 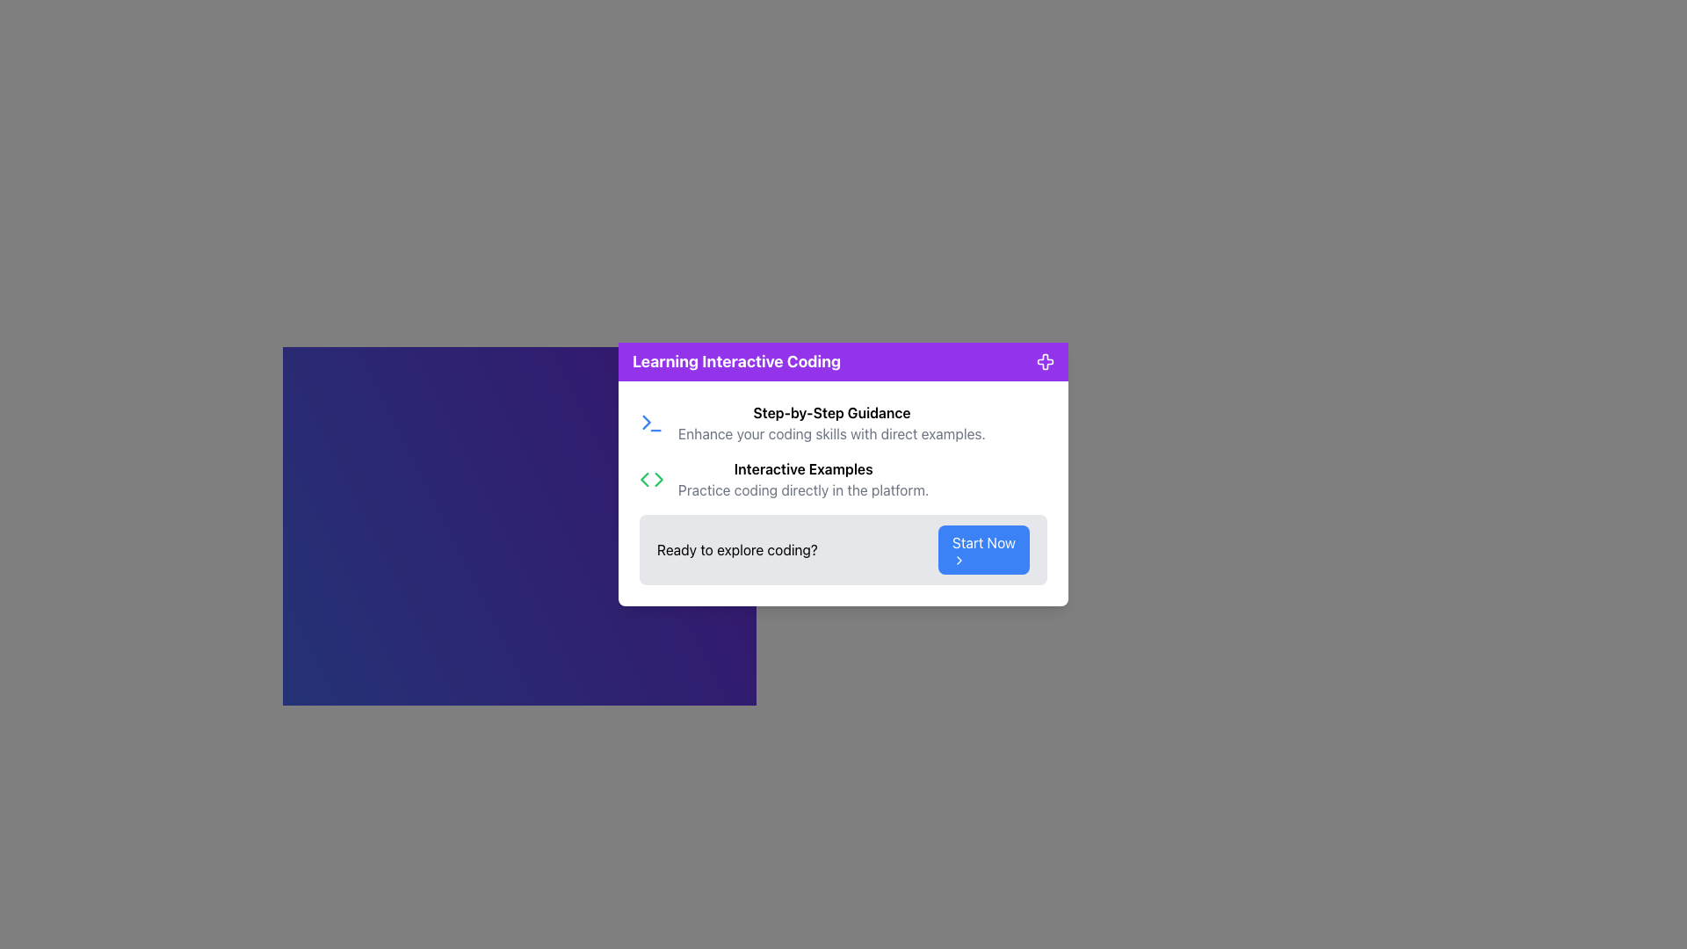 What do you see at coordinates (1046, 361) in the screenshot?
I see `the close button located in the top-right corner of the purple header section of the 'Learning Interactive Coding' dialog box` at bounding box center [1046, 361].